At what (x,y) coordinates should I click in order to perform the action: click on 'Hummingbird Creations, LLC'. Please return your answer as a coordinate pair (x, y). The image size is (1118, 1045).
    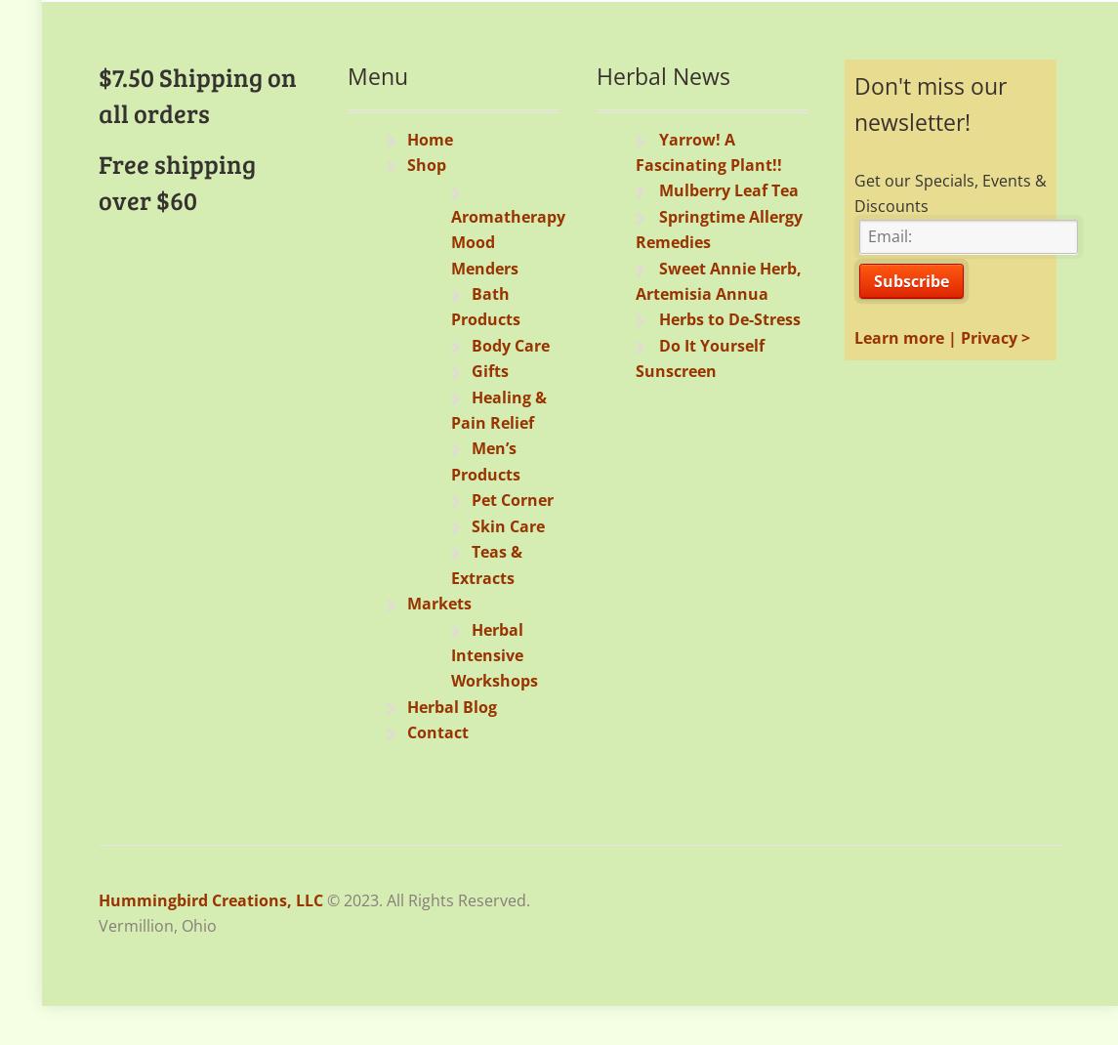
    Looking at the image, I should click on (209, 898).